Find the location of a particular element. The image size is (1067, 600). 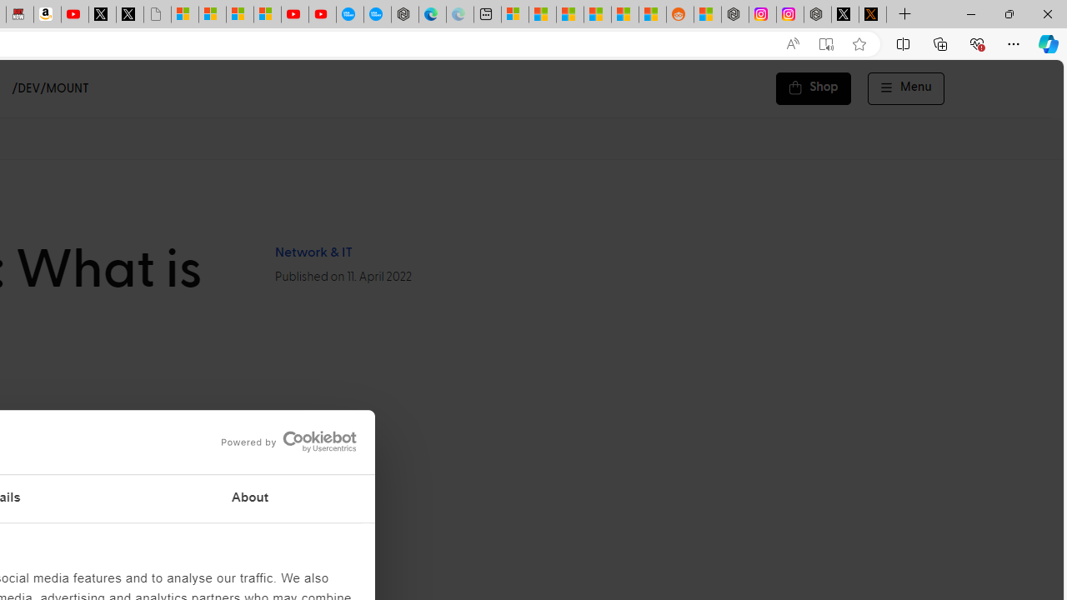

'Shanghai, China hourly forecast | Microsoft Weather' is located at coordinates (570, 14).